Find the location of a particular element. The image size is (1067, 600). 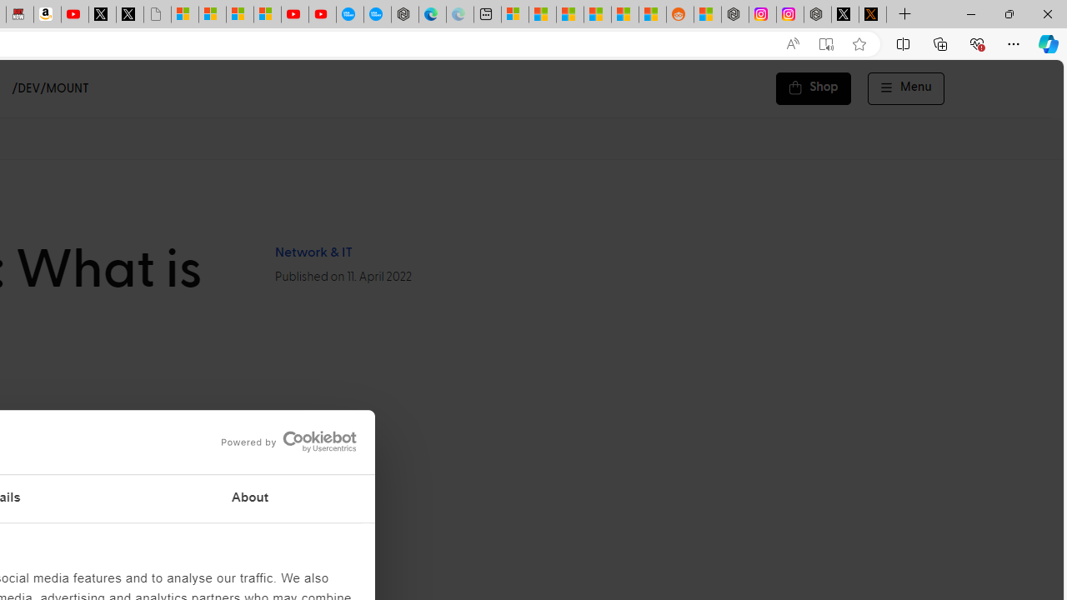

'Shanghai, China hourly forecast | Microsoft Weather' is located at coordinates (570, 14).